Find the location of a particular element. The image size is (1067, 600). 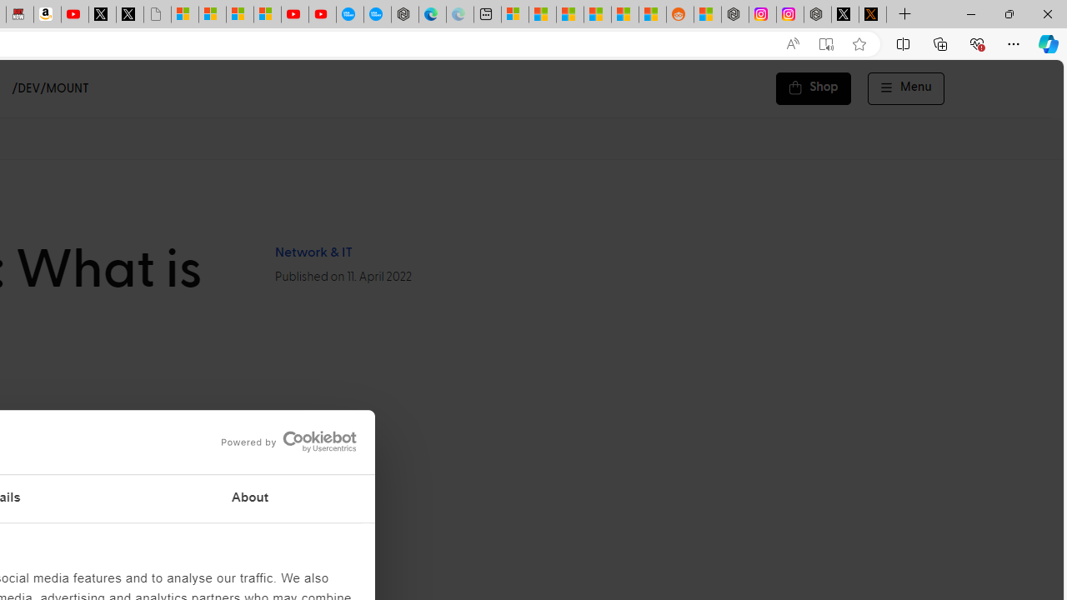

'Shanghai, China hourly forecast | Microsoft Weather' is located at coordinates (570, 14).